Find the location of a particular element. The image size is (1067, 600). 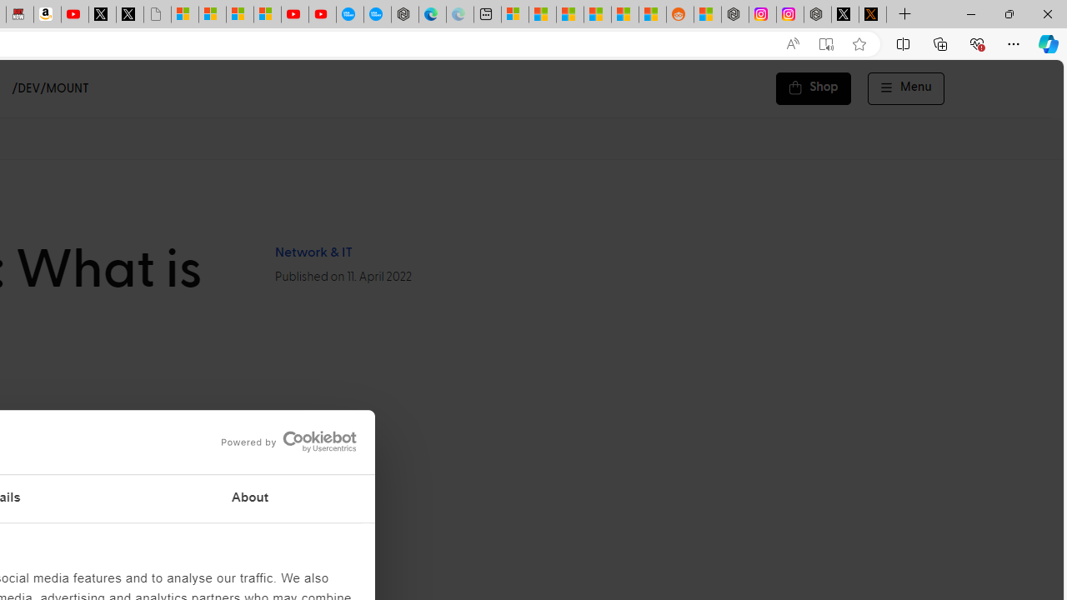

'Shanghai, China hourly forecast | Microsoft Weather' is located at coordinates (570, 14).